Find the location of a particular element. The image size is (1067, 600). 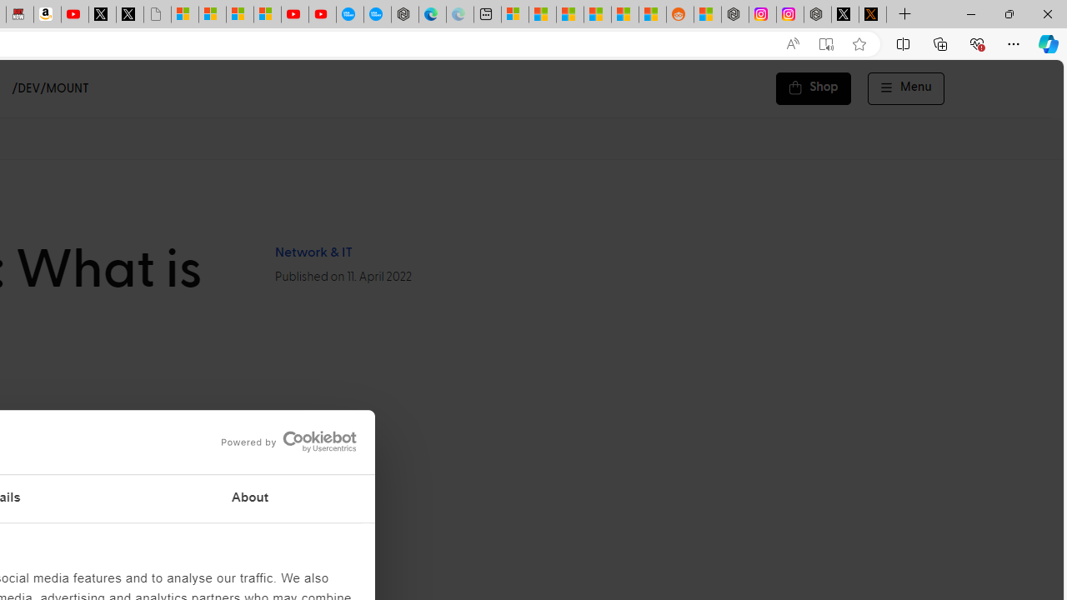

'Shanghai, China hourly forecast | Microsoft Weather' is located at coordinates (570, 14).